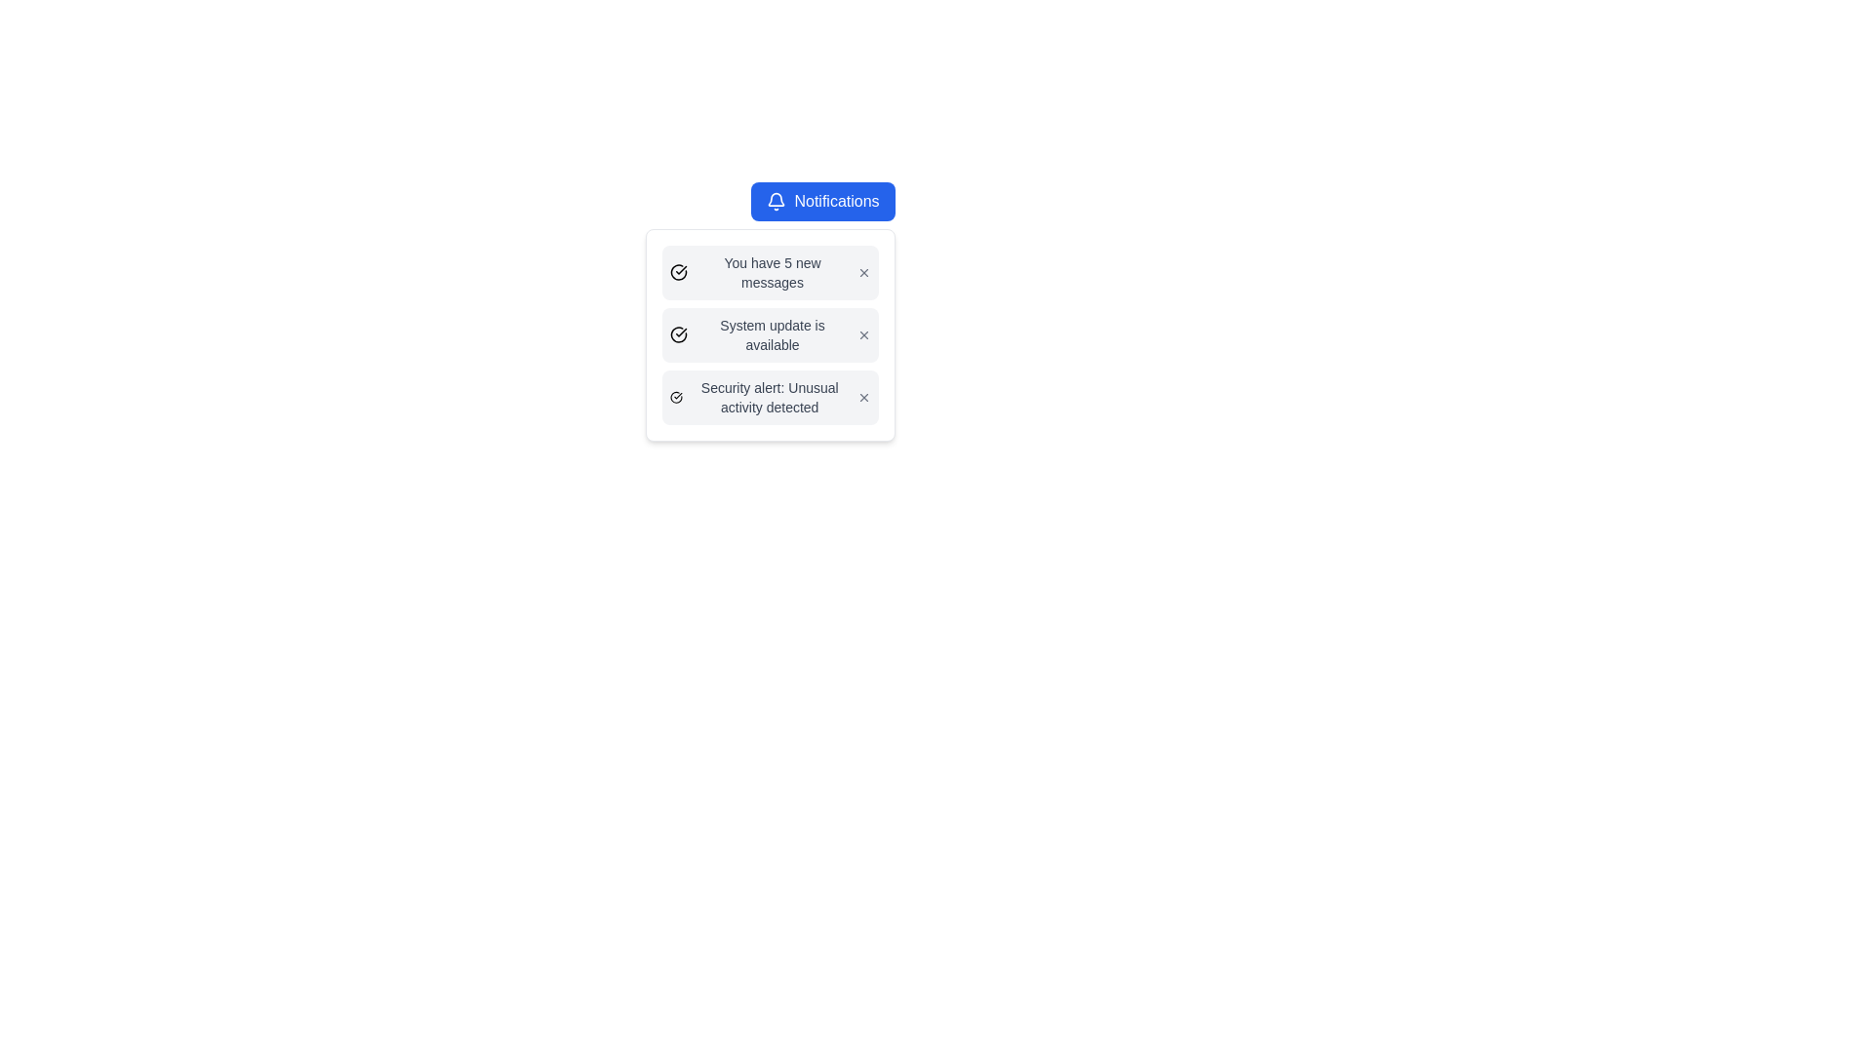 The height and width of the screenshot is (1053, 1873). What do you see at coordinates (862, 333) in the screenshot?
I see `the dismiss button of the second notification titled 'System update is available'` at bounding box center [862, 333].